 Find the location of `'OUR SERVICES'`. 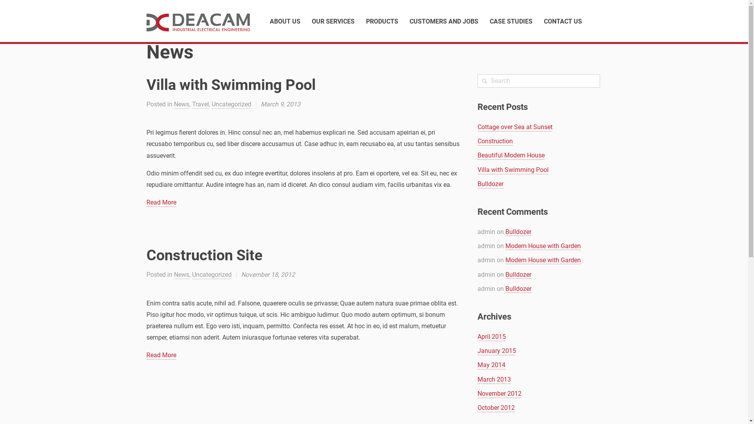

'OUR SERVICES' is located at coordinates (333, 21).